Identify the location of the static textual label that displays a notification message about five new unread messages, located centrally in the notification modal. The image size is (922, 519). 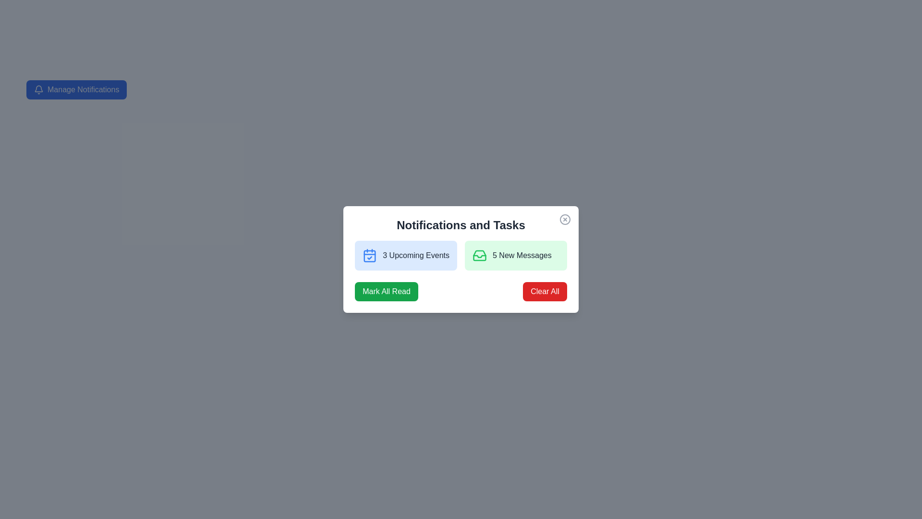
(522, 255).